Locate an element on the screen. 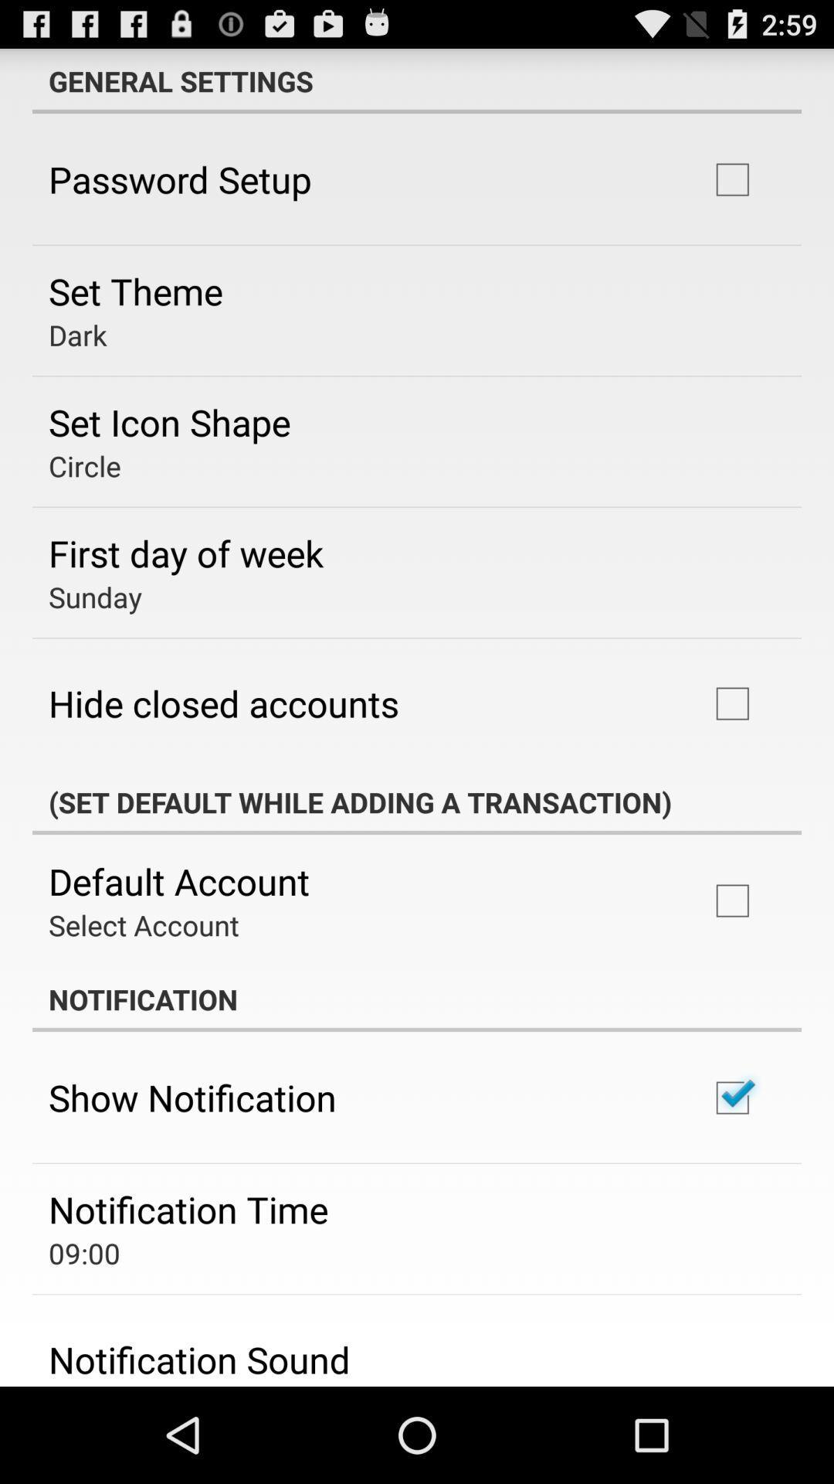 This screenshot has width=834, height=1484. app above the set theme item is located at coordinates (179, 179).